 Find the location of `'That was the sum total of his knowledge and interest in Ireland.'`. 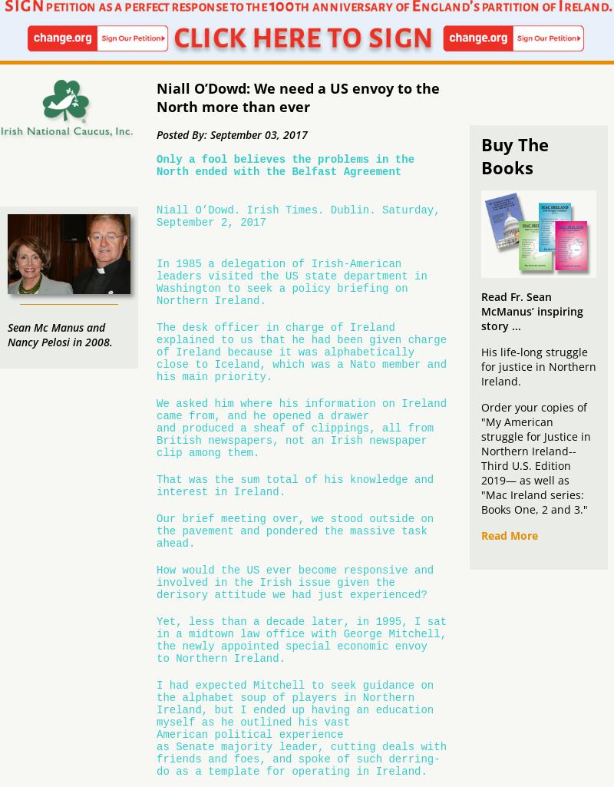

'That was the sum total of his knowledge and interest in Ireland.' is located at coordinates (157, 484).